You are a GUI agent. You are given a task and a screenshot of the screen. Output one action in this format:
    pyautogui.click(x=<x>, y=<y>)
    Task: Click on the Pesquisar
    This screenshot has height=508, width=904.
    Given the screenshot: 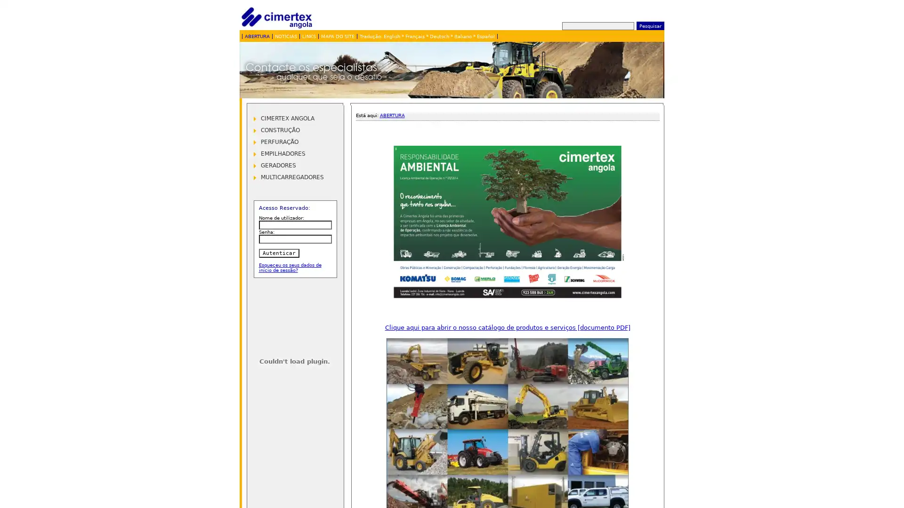 What is the action you would take?
    pyautogui.click(x=649, y=25)
    